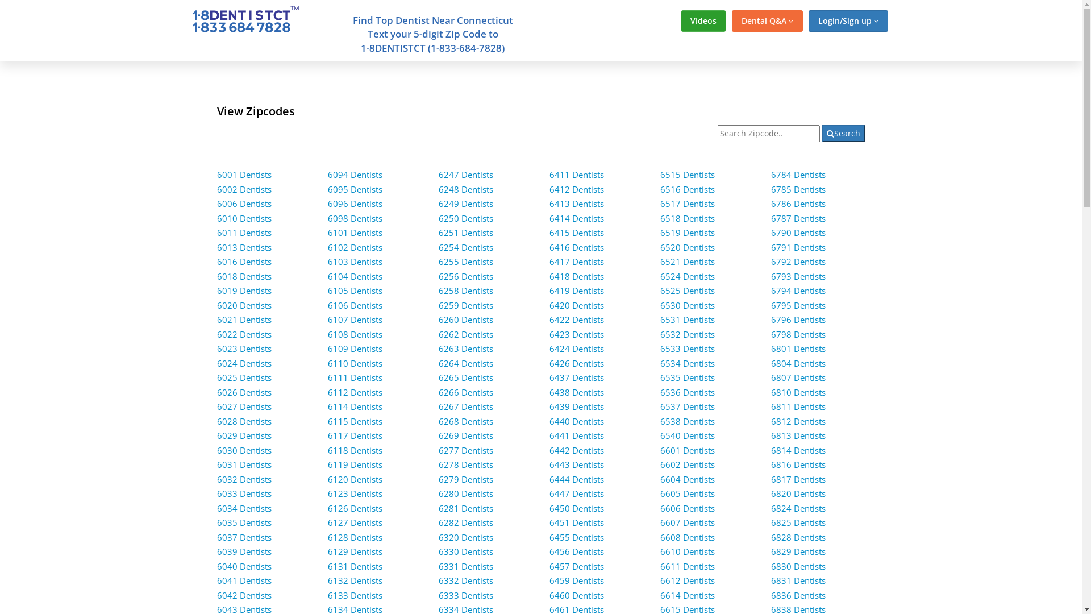 This screenshot has height=614, width=1091. I want to click on '6011 Dentists', so click(244, 231).